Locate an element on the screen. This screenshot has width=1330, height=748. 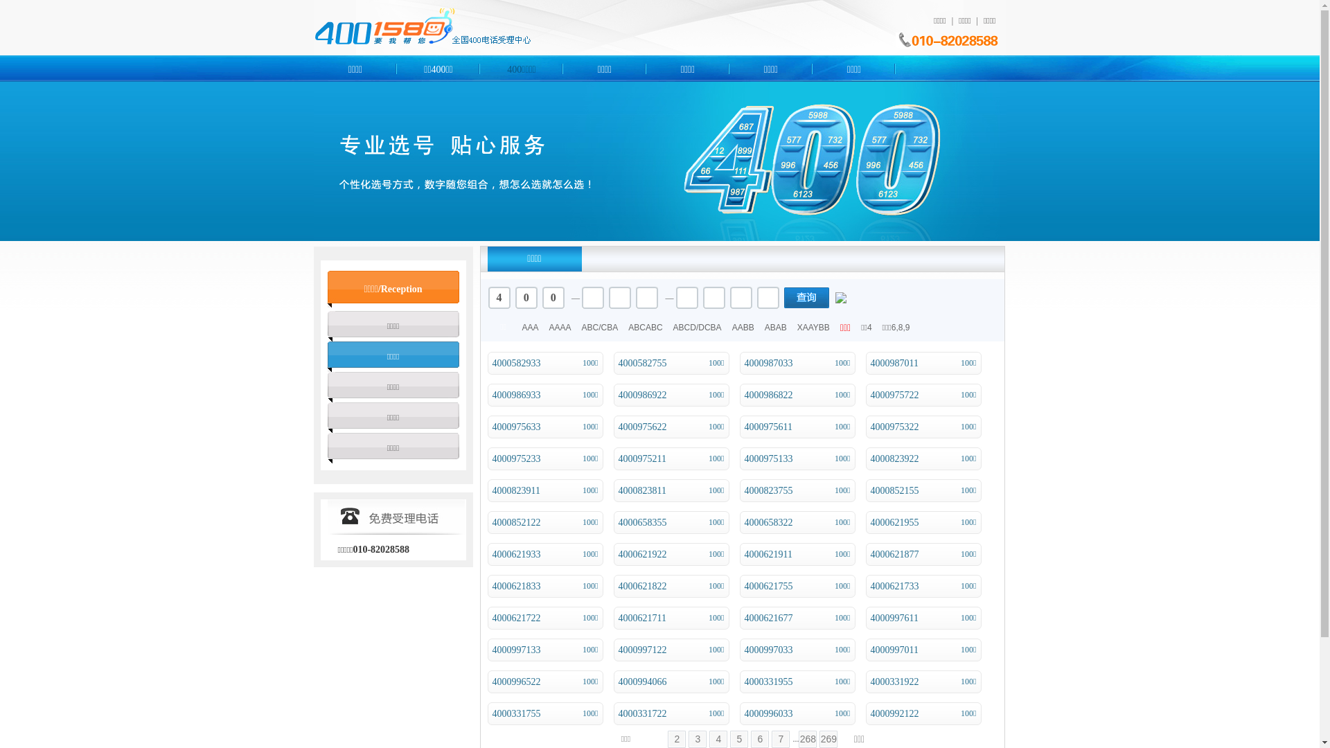
'AAAA' is located at coordinates (544, 328).